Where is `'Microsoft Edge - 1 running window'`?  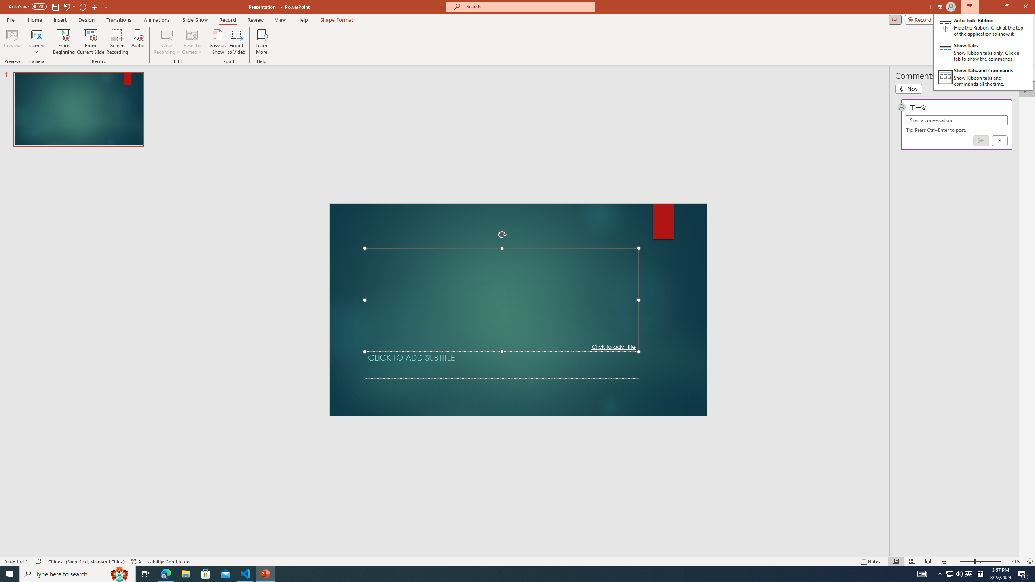
'Microsoft Edge - 1 running window' is located at coordinates (165, 573).